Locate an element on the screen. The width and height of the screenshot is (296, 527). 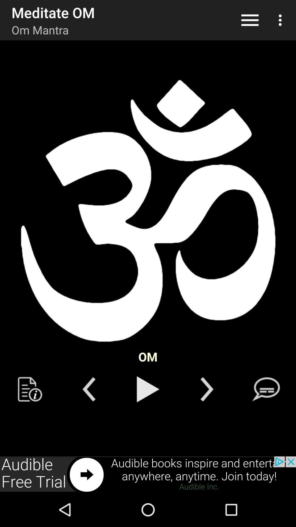
open advertisement is located at coordinates (148, 474).